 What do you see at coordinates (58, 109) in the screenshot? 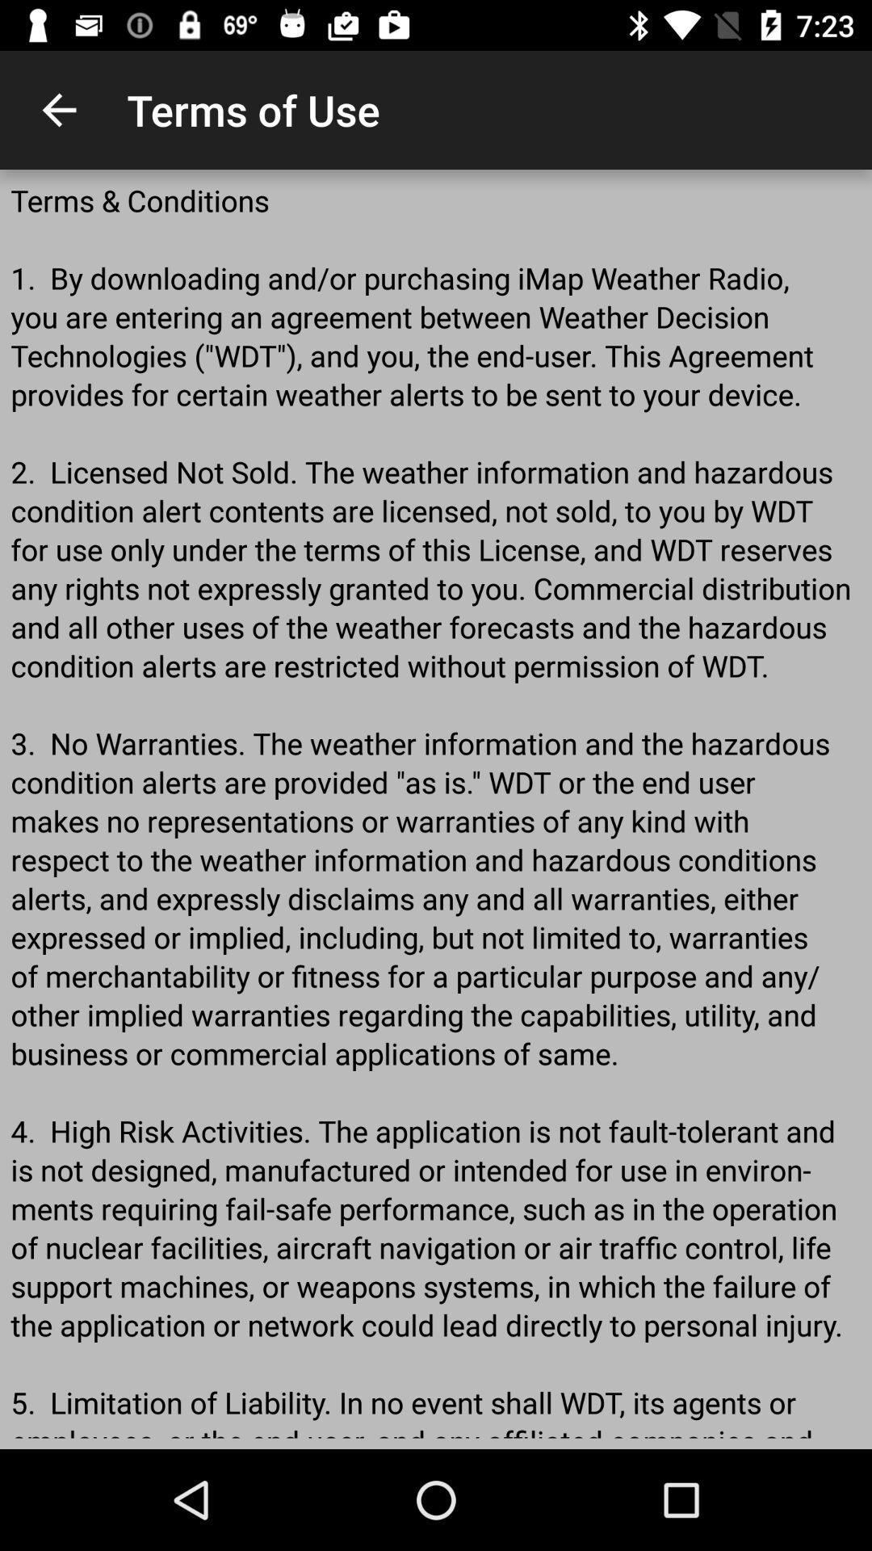
I see `the item to the left of the terms of use app` at bounding box center [58, 109].